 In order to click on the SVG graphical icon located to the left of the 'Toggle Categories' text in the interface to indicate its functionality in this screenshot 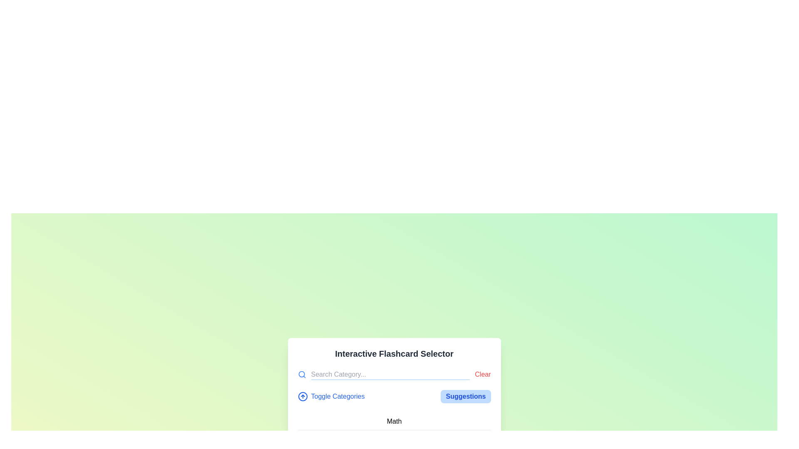, I will do `click(302, 396)`.